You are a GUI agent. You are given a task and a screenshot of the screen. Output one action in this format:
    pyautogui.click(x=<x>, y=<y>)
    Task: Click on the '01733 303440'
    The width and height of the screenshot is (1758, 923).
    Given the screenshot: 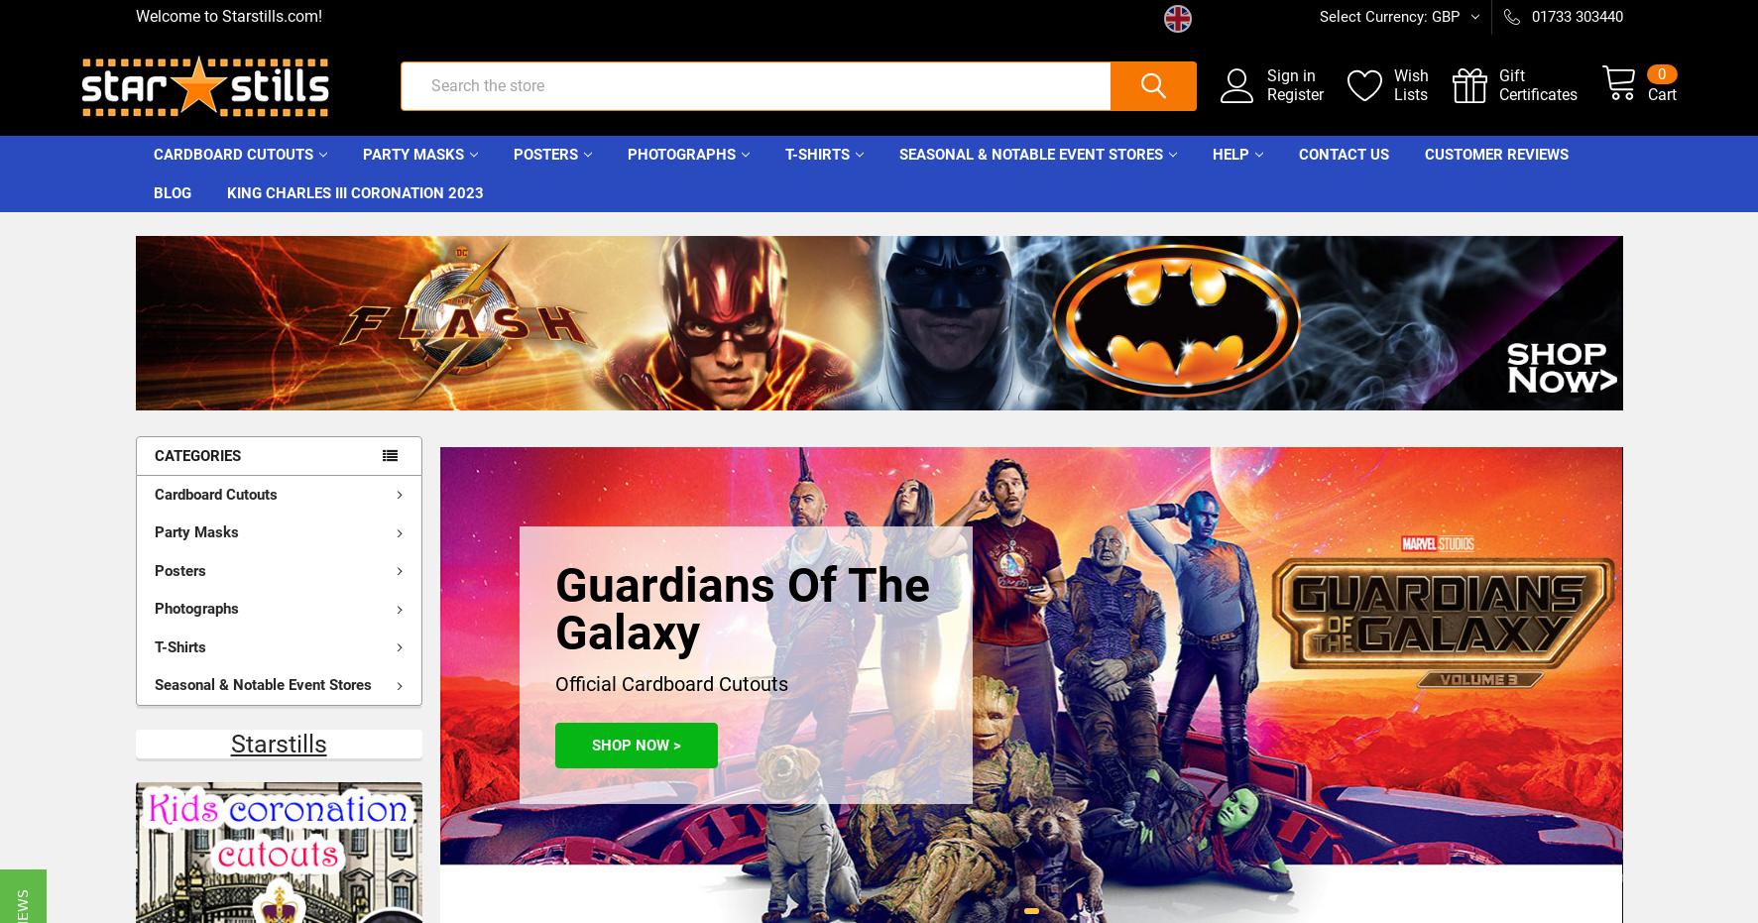 What is the action you would take?
    pyautogui.click(x=1576, y=16)
    